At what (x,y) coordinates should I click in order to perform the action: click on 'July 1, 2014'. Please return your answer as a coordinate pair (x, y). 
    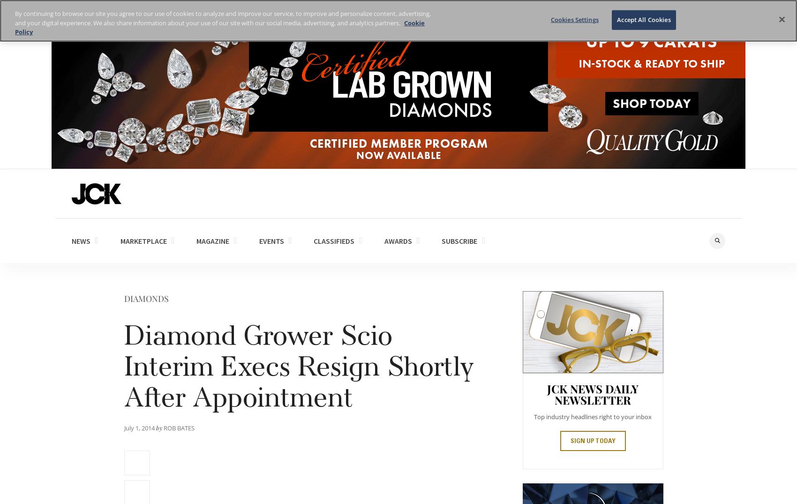
    Looking at the image, I should click on (124, 427).